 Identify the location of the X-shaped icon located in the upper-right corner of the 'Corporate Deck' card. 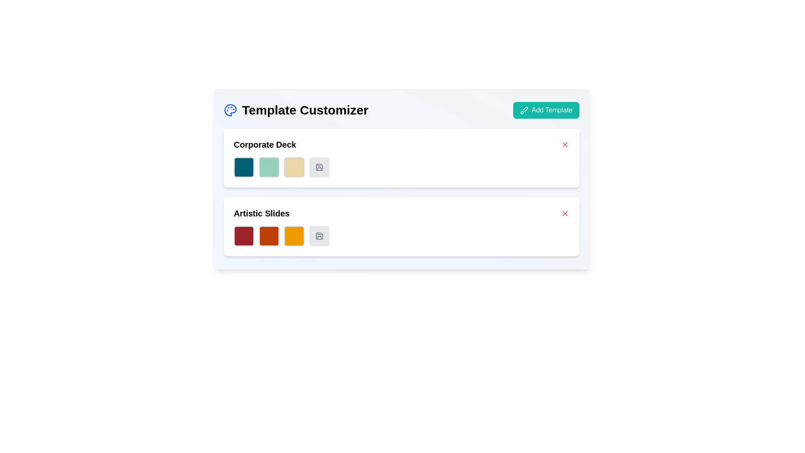
(565, 144).